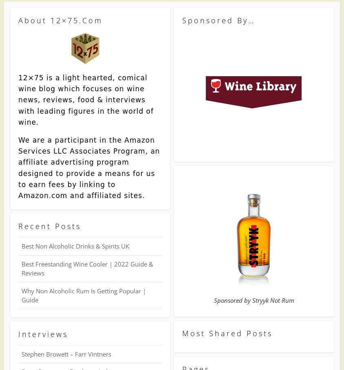 This screenshot has width=344, height=370. I want to click on 'Best Freestanding Wine Cooler | 2022 Guide & Reviews', so click(87, 268).